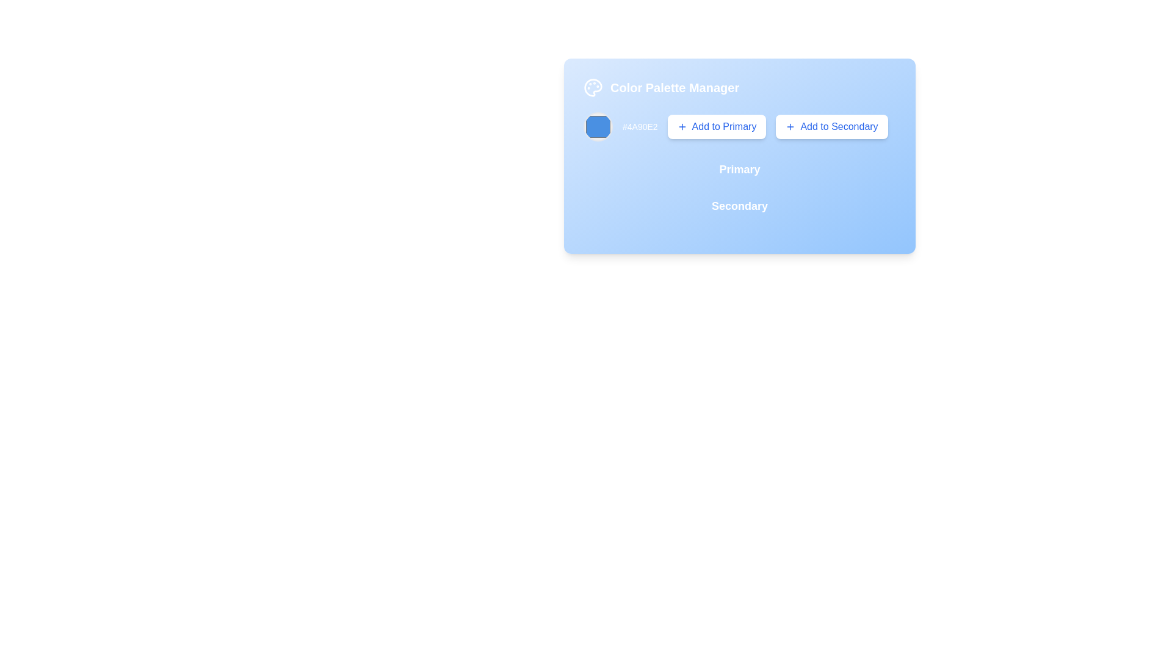 Image resolution: width=1172 pixels, height=659 pixels. I want to click on the small, square-shaped plus icon located to the left of the 'Add to Primary' button, so click(681, 127).